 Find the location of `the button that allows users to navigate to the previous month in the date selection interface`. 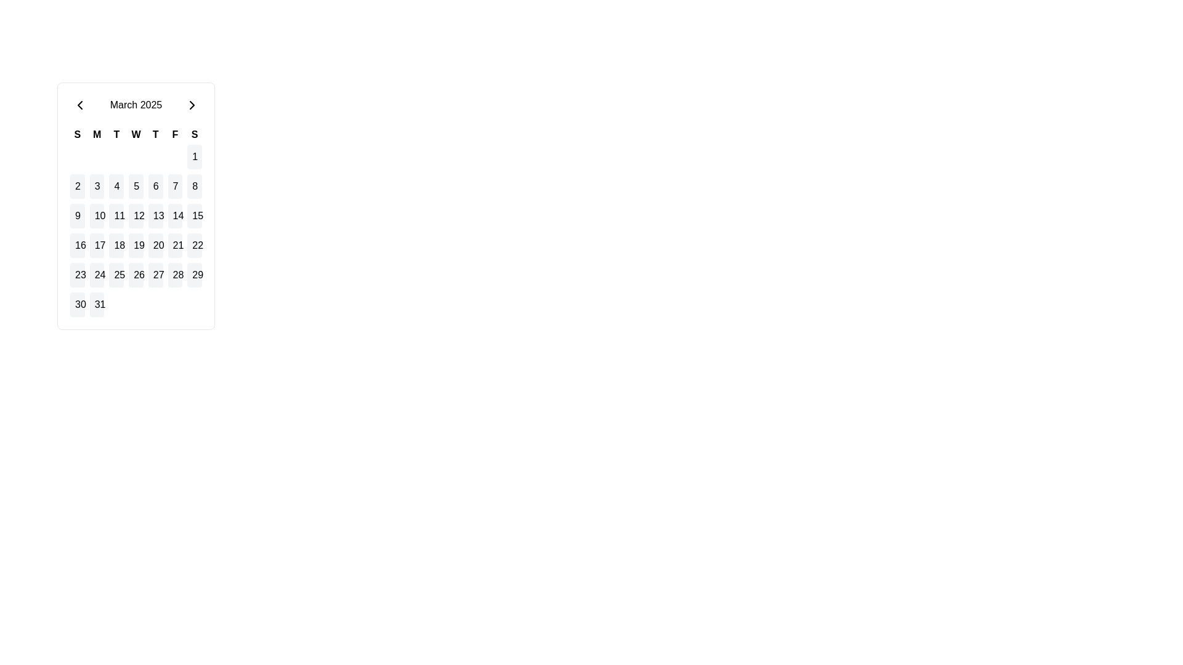

the button that allows users to navigate to the previous month in the date selection interface is located at coordinates (79, 104).